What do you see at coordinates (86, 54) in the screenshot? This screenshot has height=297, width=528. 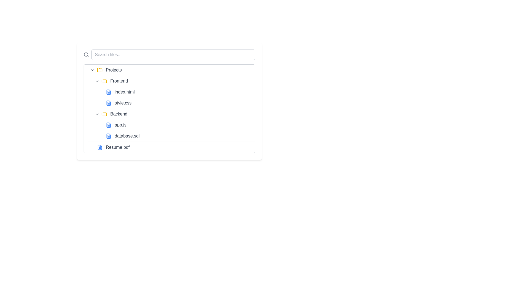 I see `the decorative SVG circle graphic that is part of the search icon located in the top-left region, to the left of the search input field` at bounding box center [86, 54].